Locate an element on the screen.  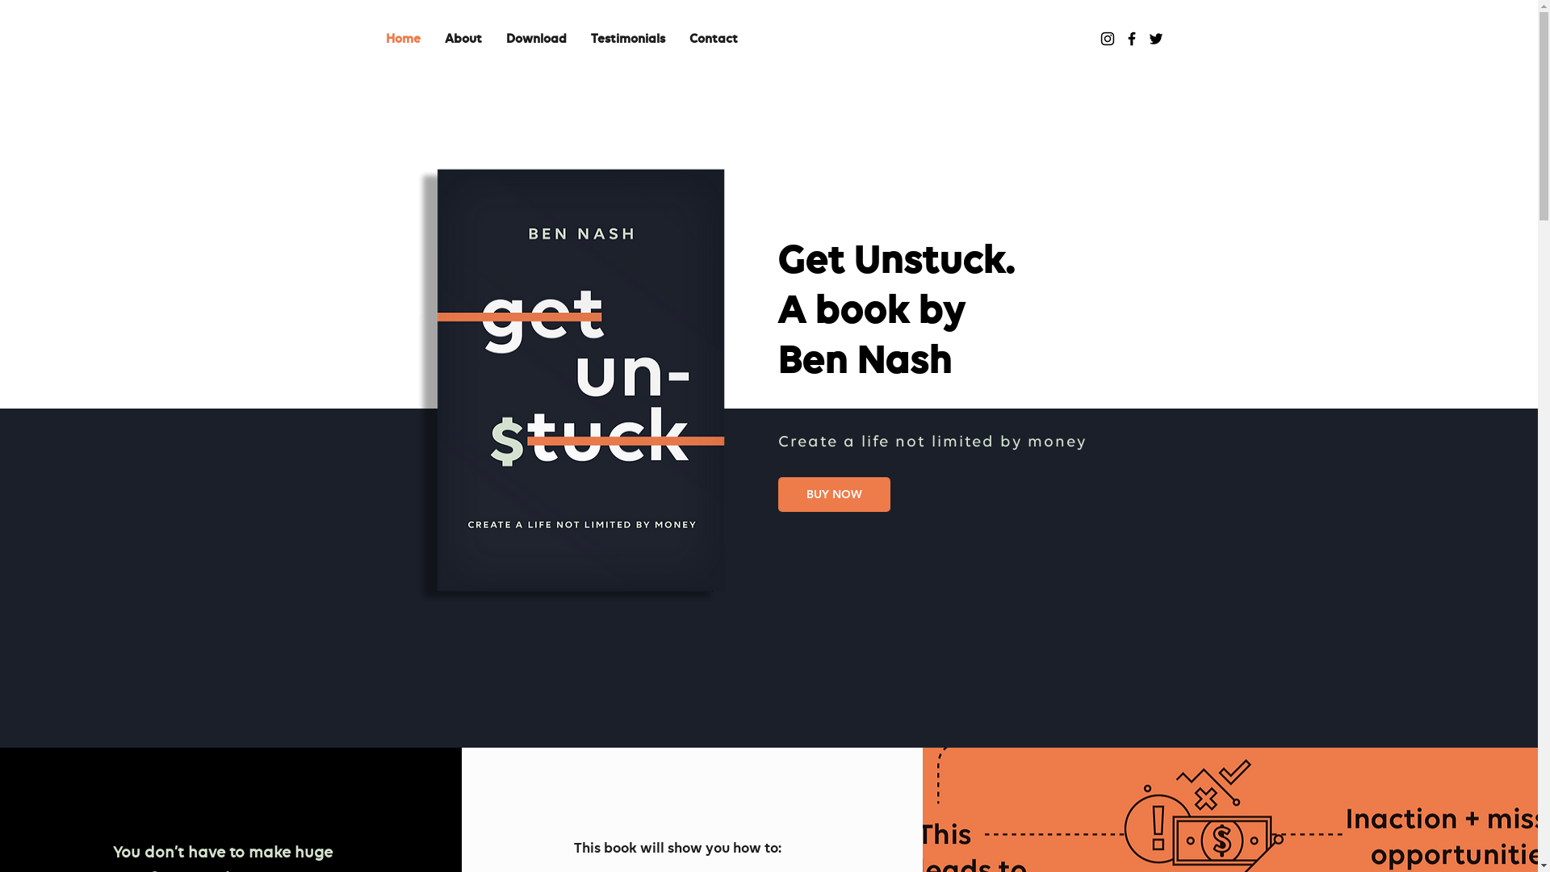
'Home' is located at coordinates (402, 39).